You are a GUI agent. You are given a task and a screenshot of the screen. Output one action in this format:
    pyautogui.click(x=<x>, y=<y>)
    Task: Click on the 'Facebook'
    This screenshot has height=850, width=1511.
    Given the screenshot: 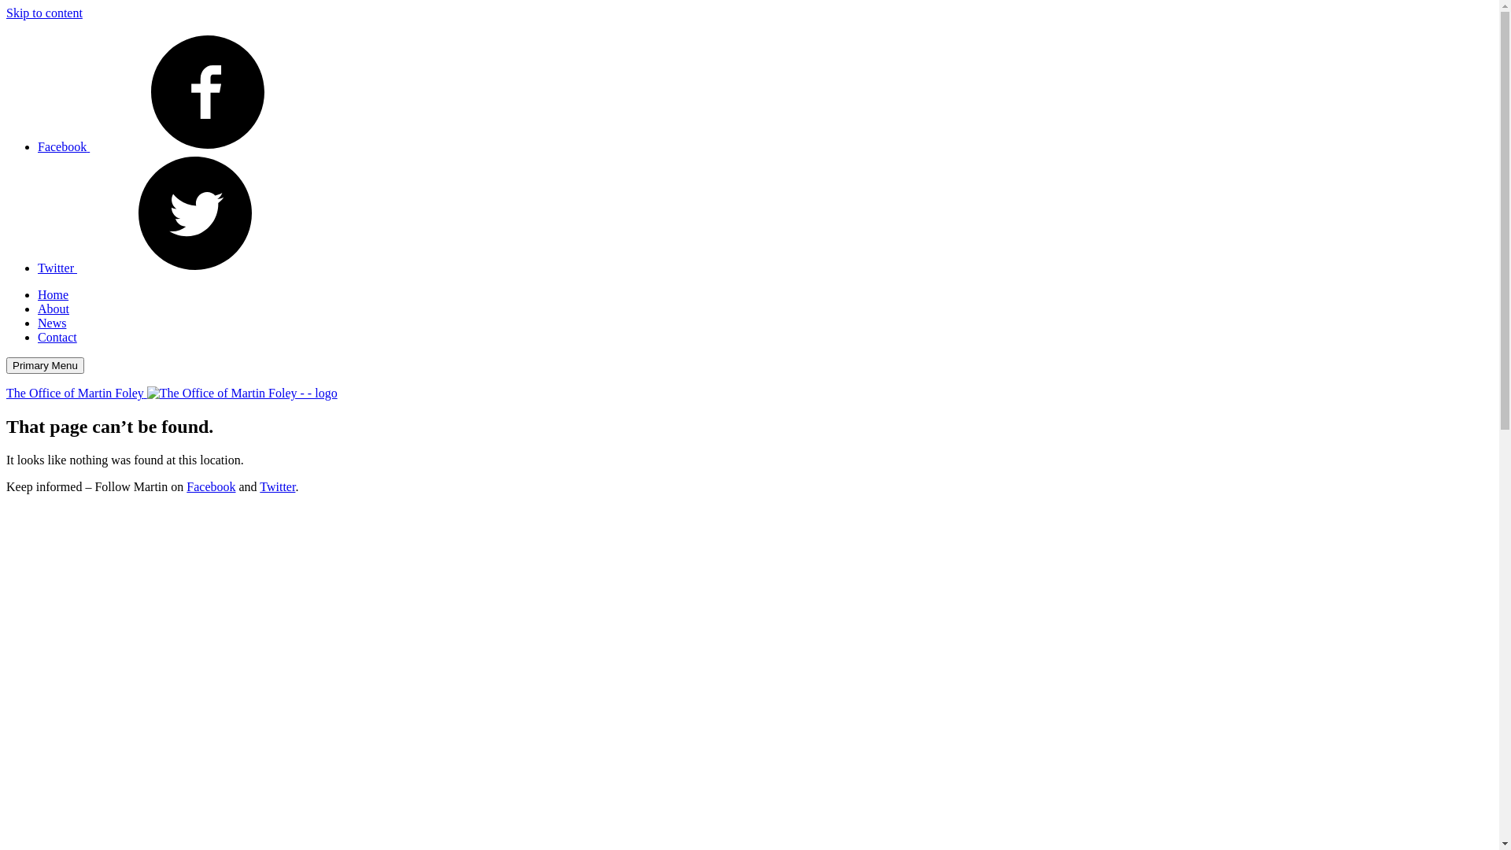 What is the action you would take?
    pyautogui.click(x=210, y=486)
    